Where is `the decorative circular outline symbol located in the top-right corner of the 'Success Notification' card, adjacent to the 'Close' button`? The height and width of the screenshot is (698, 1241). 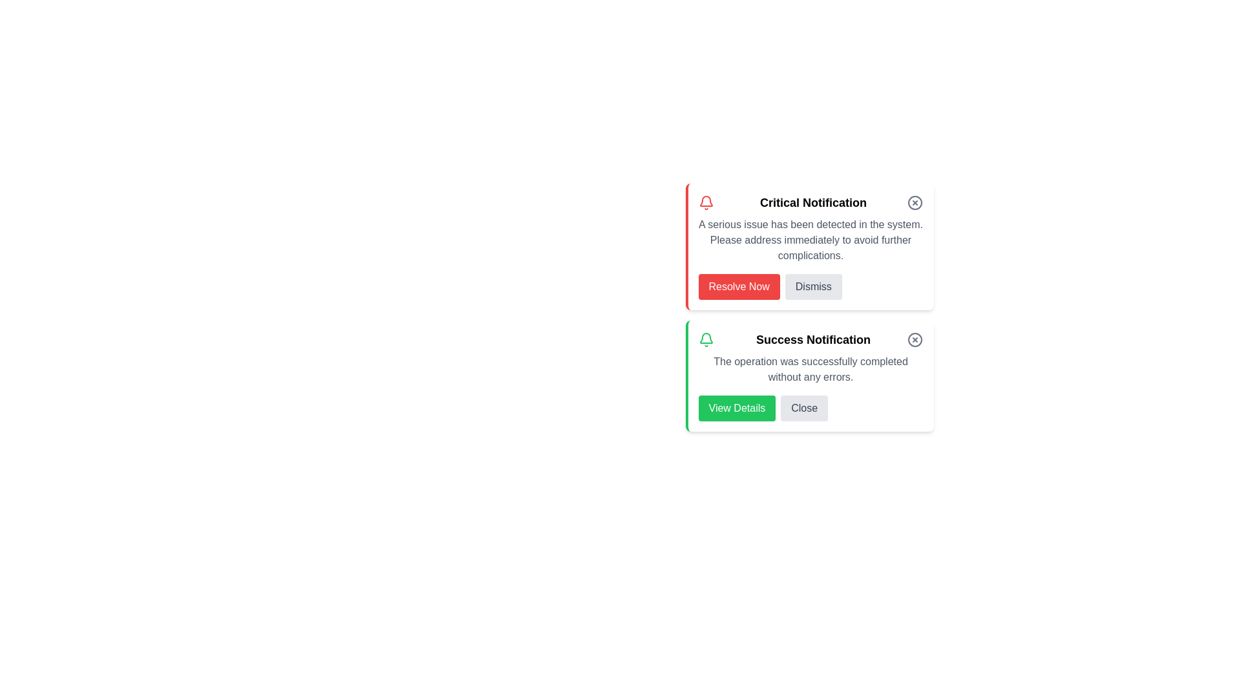
the decorative circular outline symbol located in the top-right corner of the 'Success Notification' card, adjacent to the 'Close' button is located at coordinates (915, 339).